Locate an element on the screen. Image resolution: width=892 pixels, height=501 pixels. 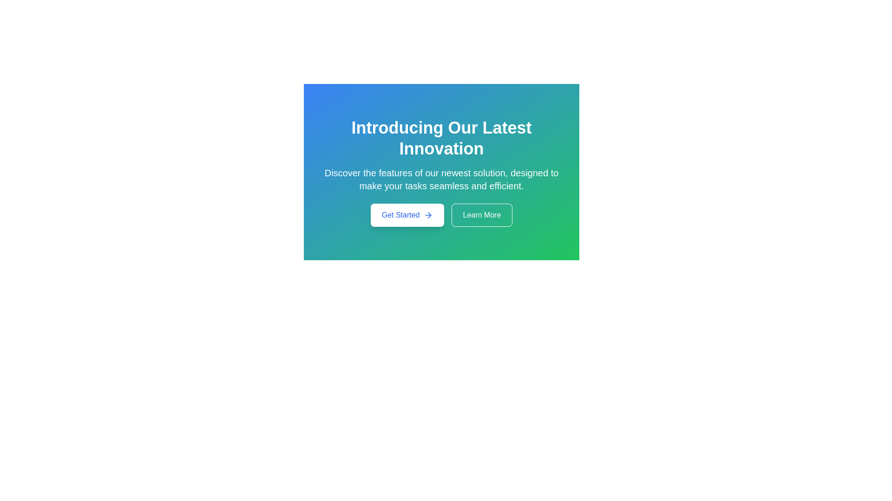
the interactive button on the left side of the horizontal group is located at coordinates (407, 215).